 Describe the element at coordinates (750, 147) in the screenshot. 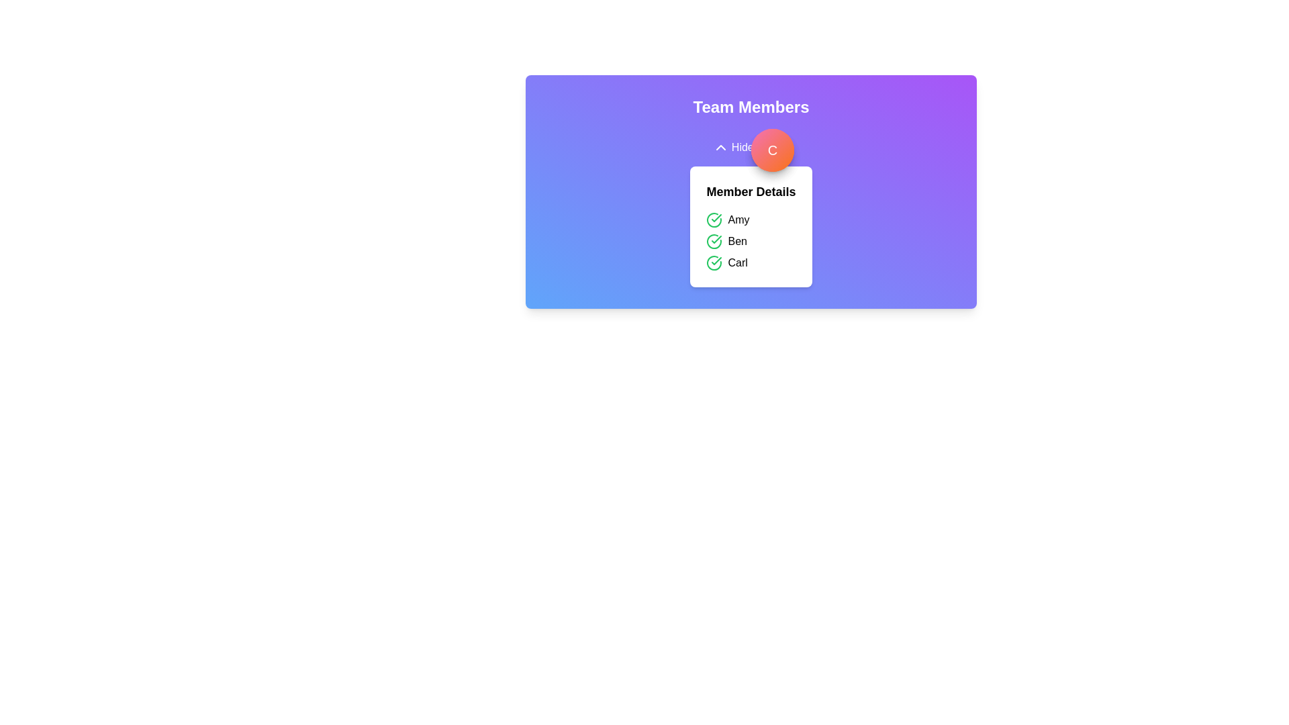

I see `the 'Hide Details' button, which features an upward-facing chevron icon and white text on a colored background` at that location.